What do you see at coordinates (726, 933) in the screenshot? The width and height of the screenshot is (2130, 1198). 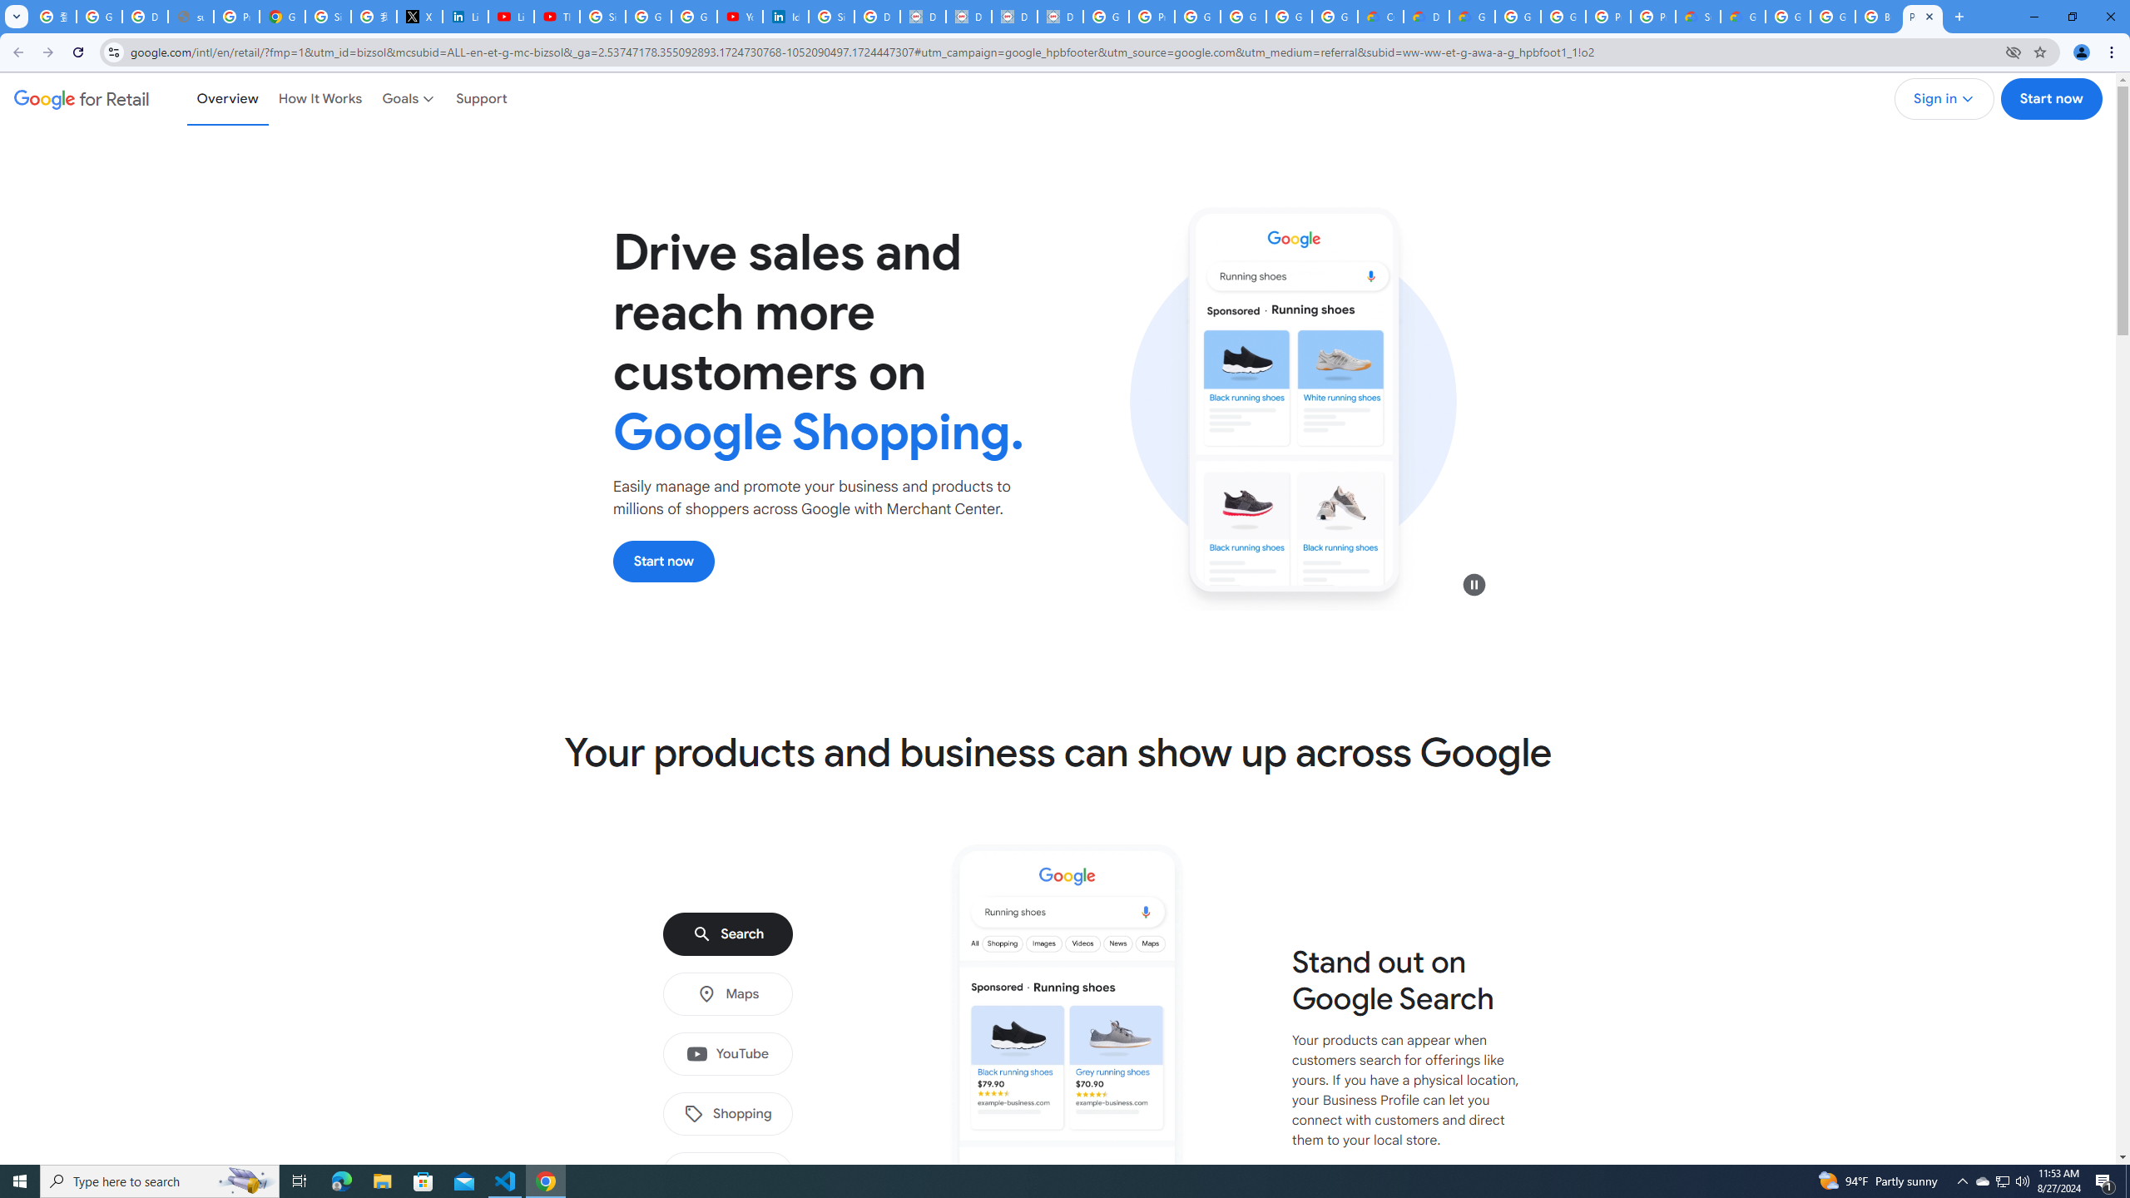 I see `'Search'` at bounding box center [726, 933].